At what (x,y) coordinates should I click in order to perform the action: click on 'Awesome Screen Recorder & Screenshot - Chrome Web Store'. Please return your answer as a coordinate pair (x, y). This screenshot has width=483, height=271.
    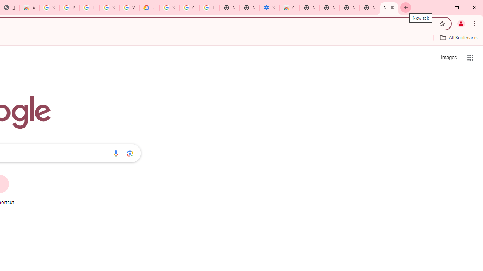
    Looking at the image, I should click on (29, 8).